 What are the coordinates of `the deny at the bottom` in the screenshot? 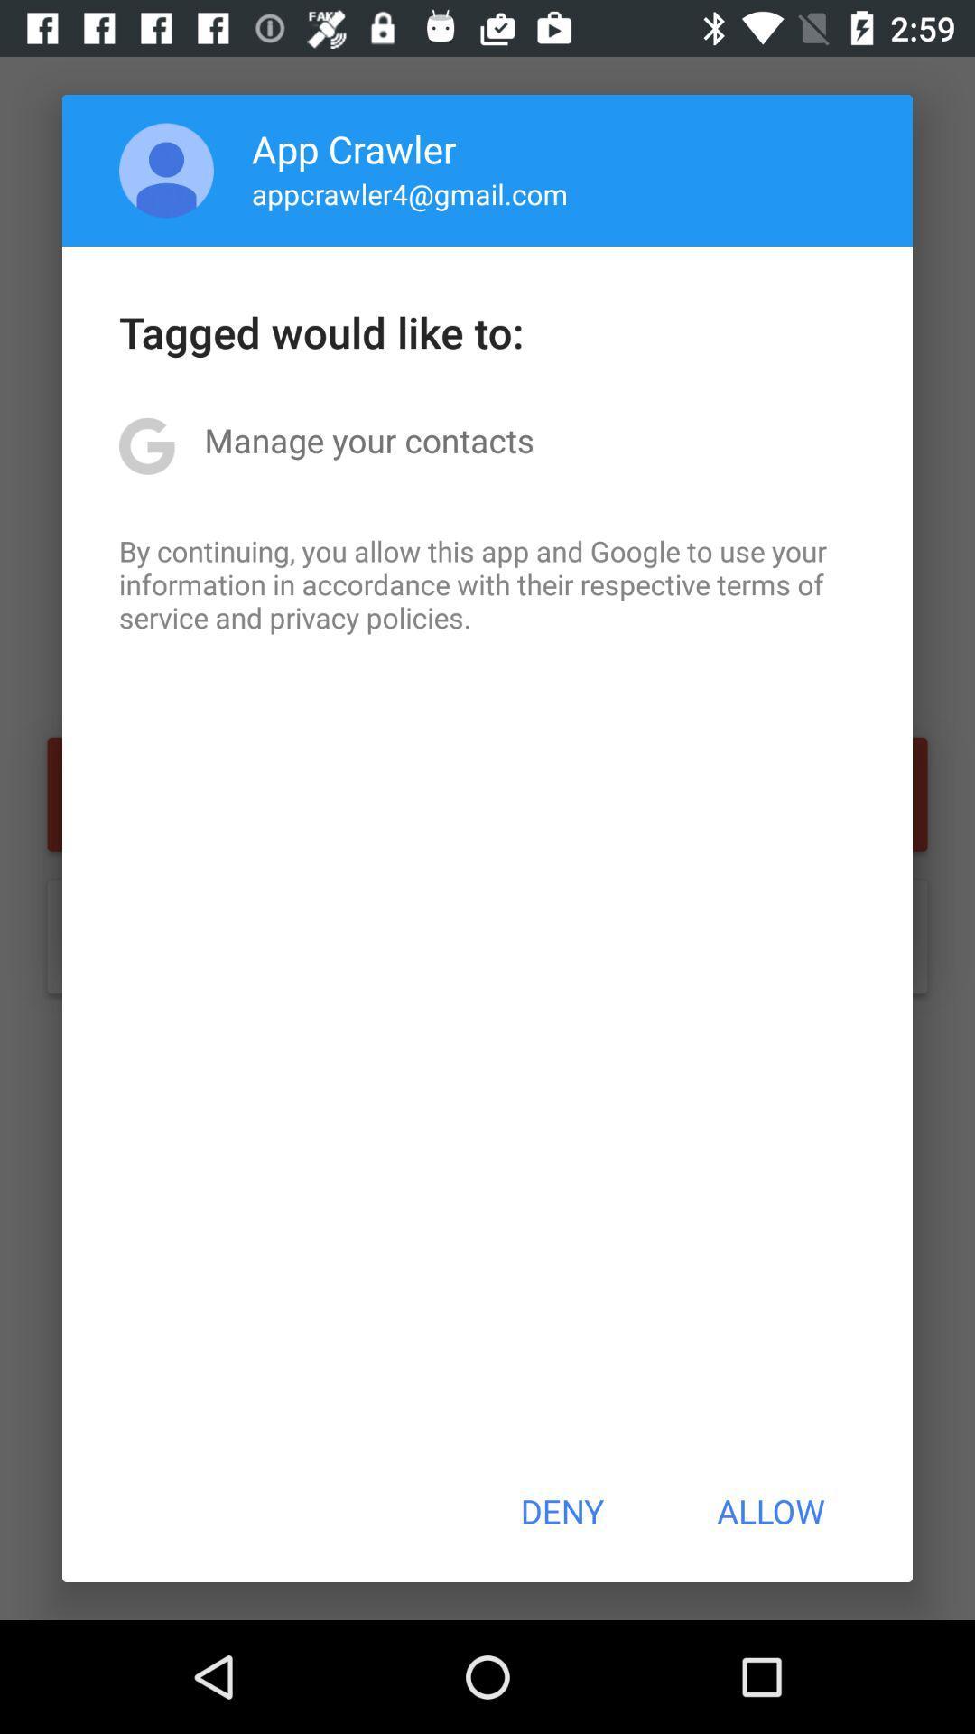 It's located at (561, 1511).